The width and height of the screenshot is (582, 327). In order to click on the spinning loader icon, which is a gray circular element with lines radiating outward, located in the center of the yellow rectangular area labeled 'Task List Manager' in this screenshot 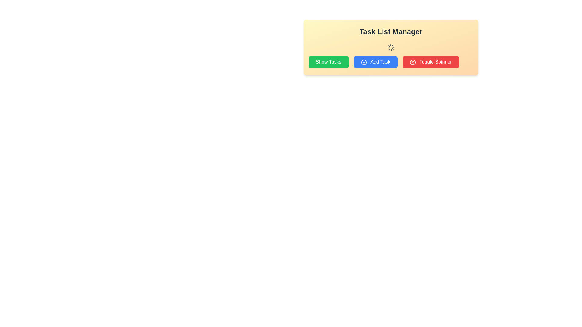, I will do `click(391, 47)`.